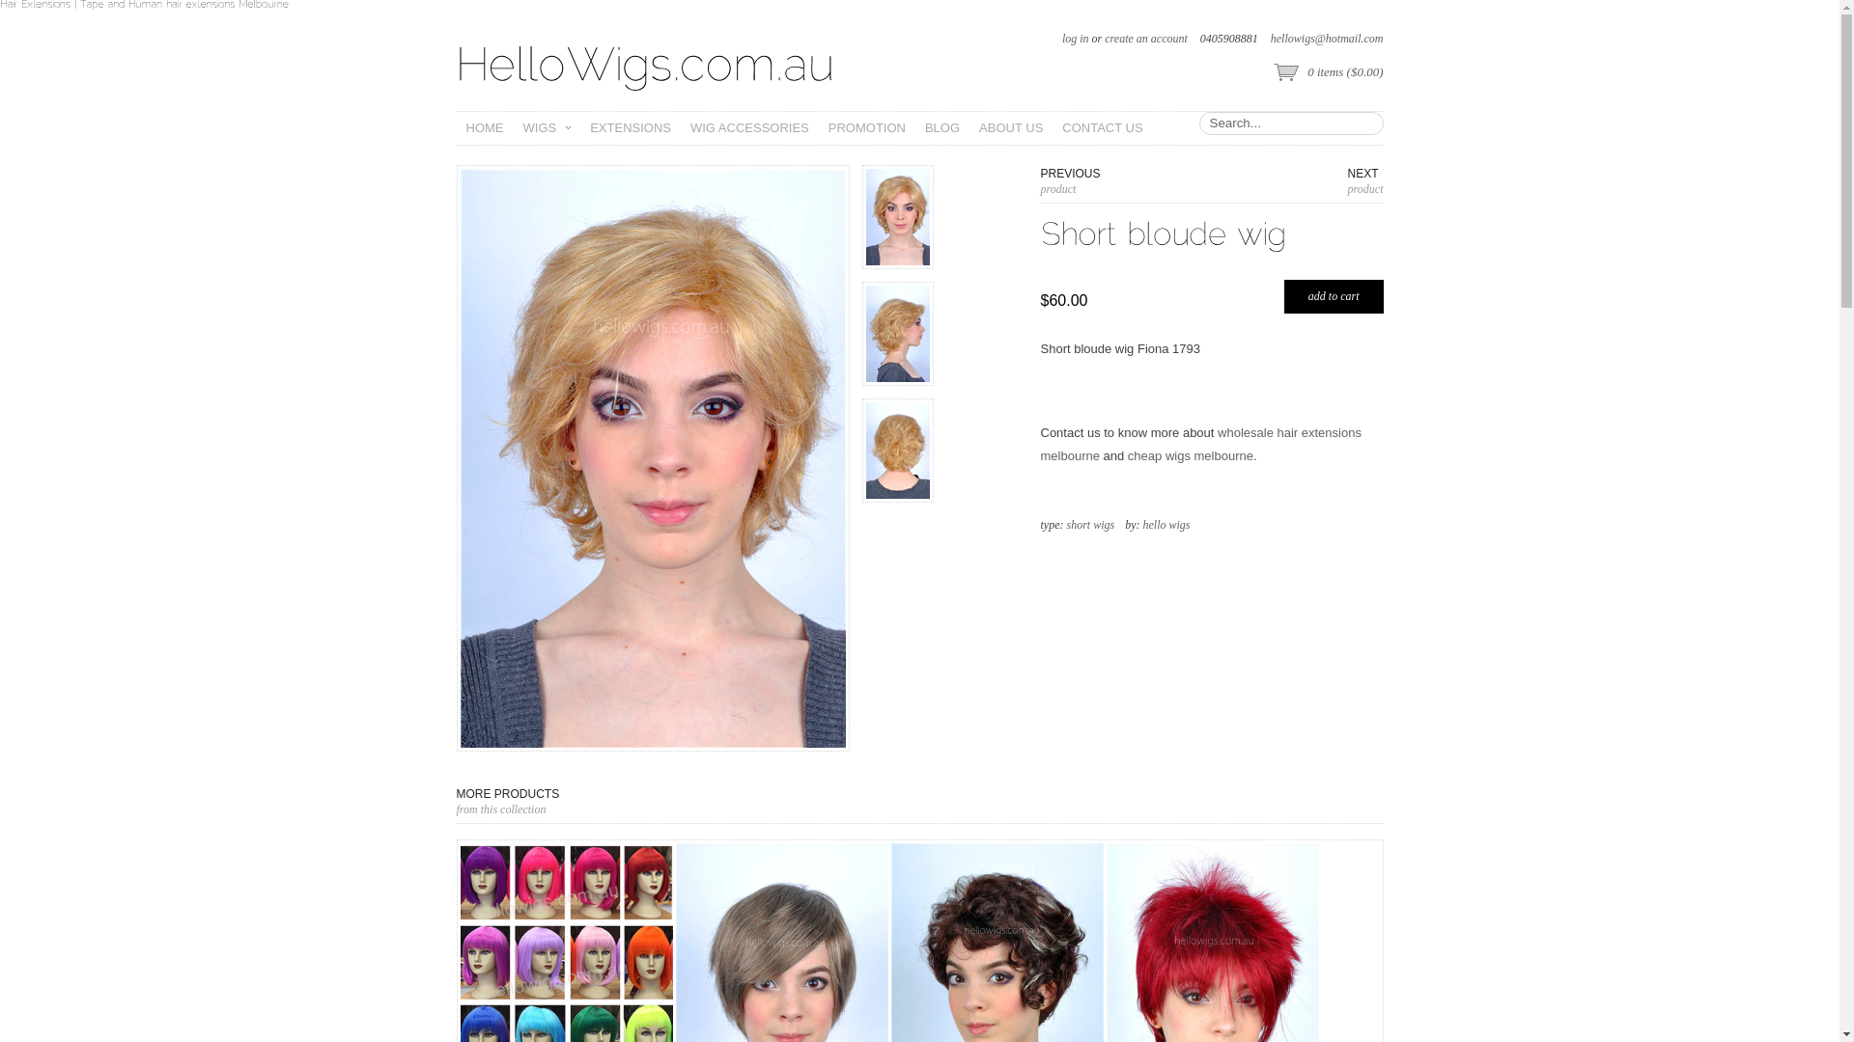 The height and width of the screenshot is (1042, 1854). Describe the element at coordinates (1199, 444) in the screenshot. I see `'wholesale hair extensions melbourne'` at that location.